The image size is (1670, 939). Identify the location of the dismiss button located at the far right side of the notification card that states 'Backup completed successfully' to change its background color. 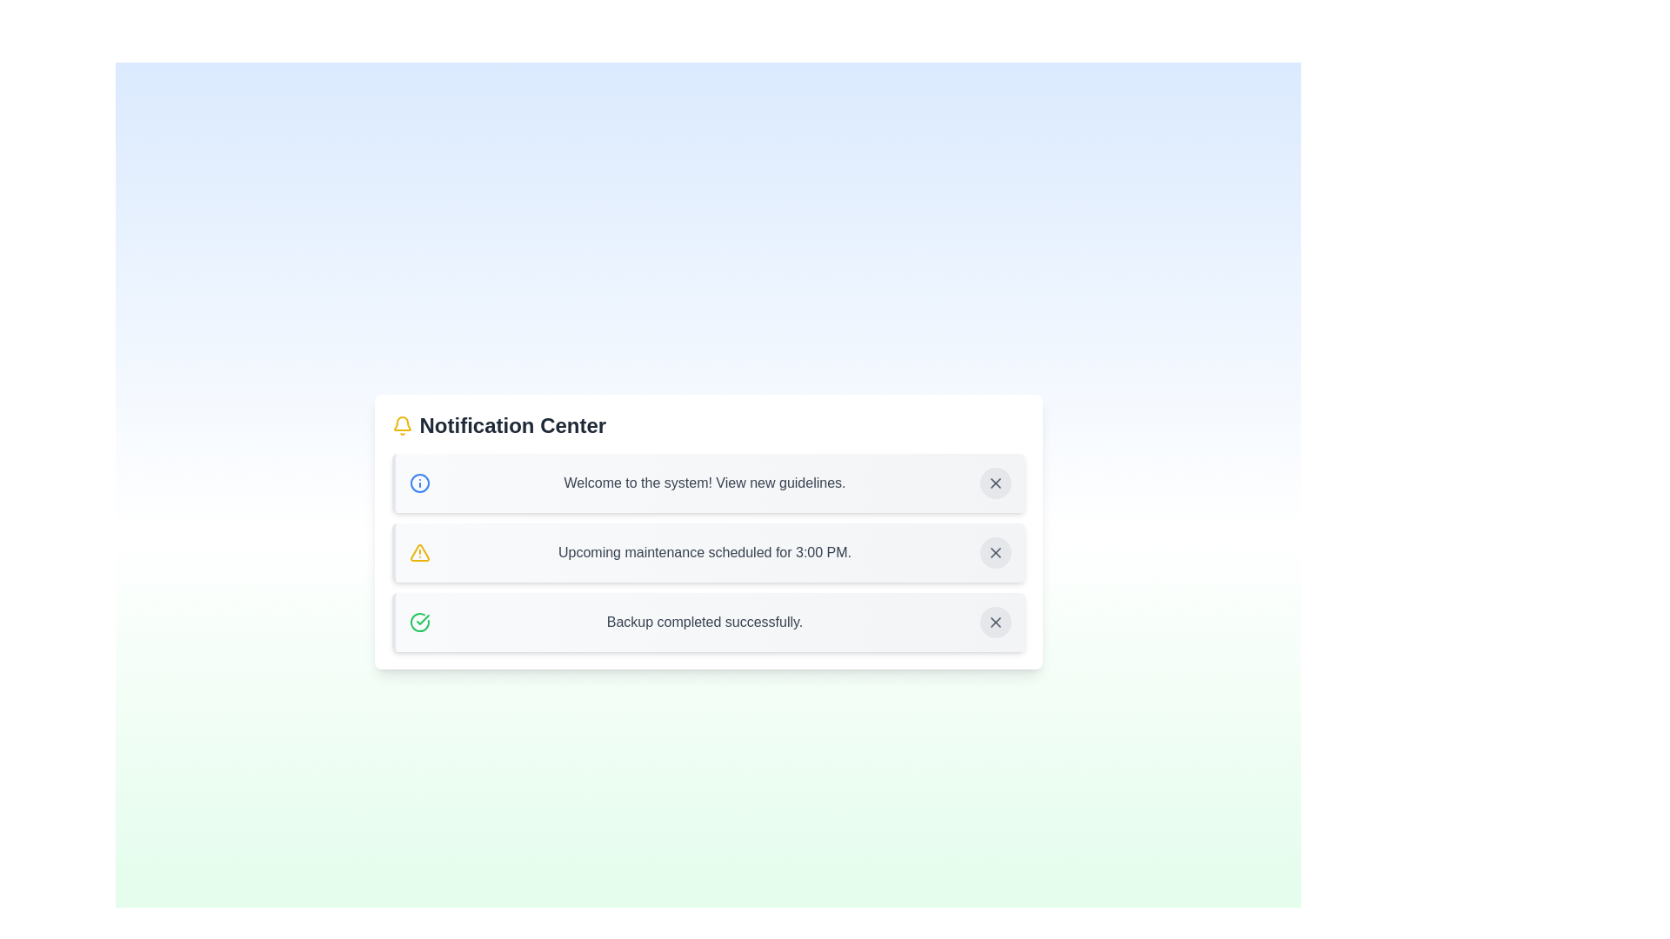
(995, 622).